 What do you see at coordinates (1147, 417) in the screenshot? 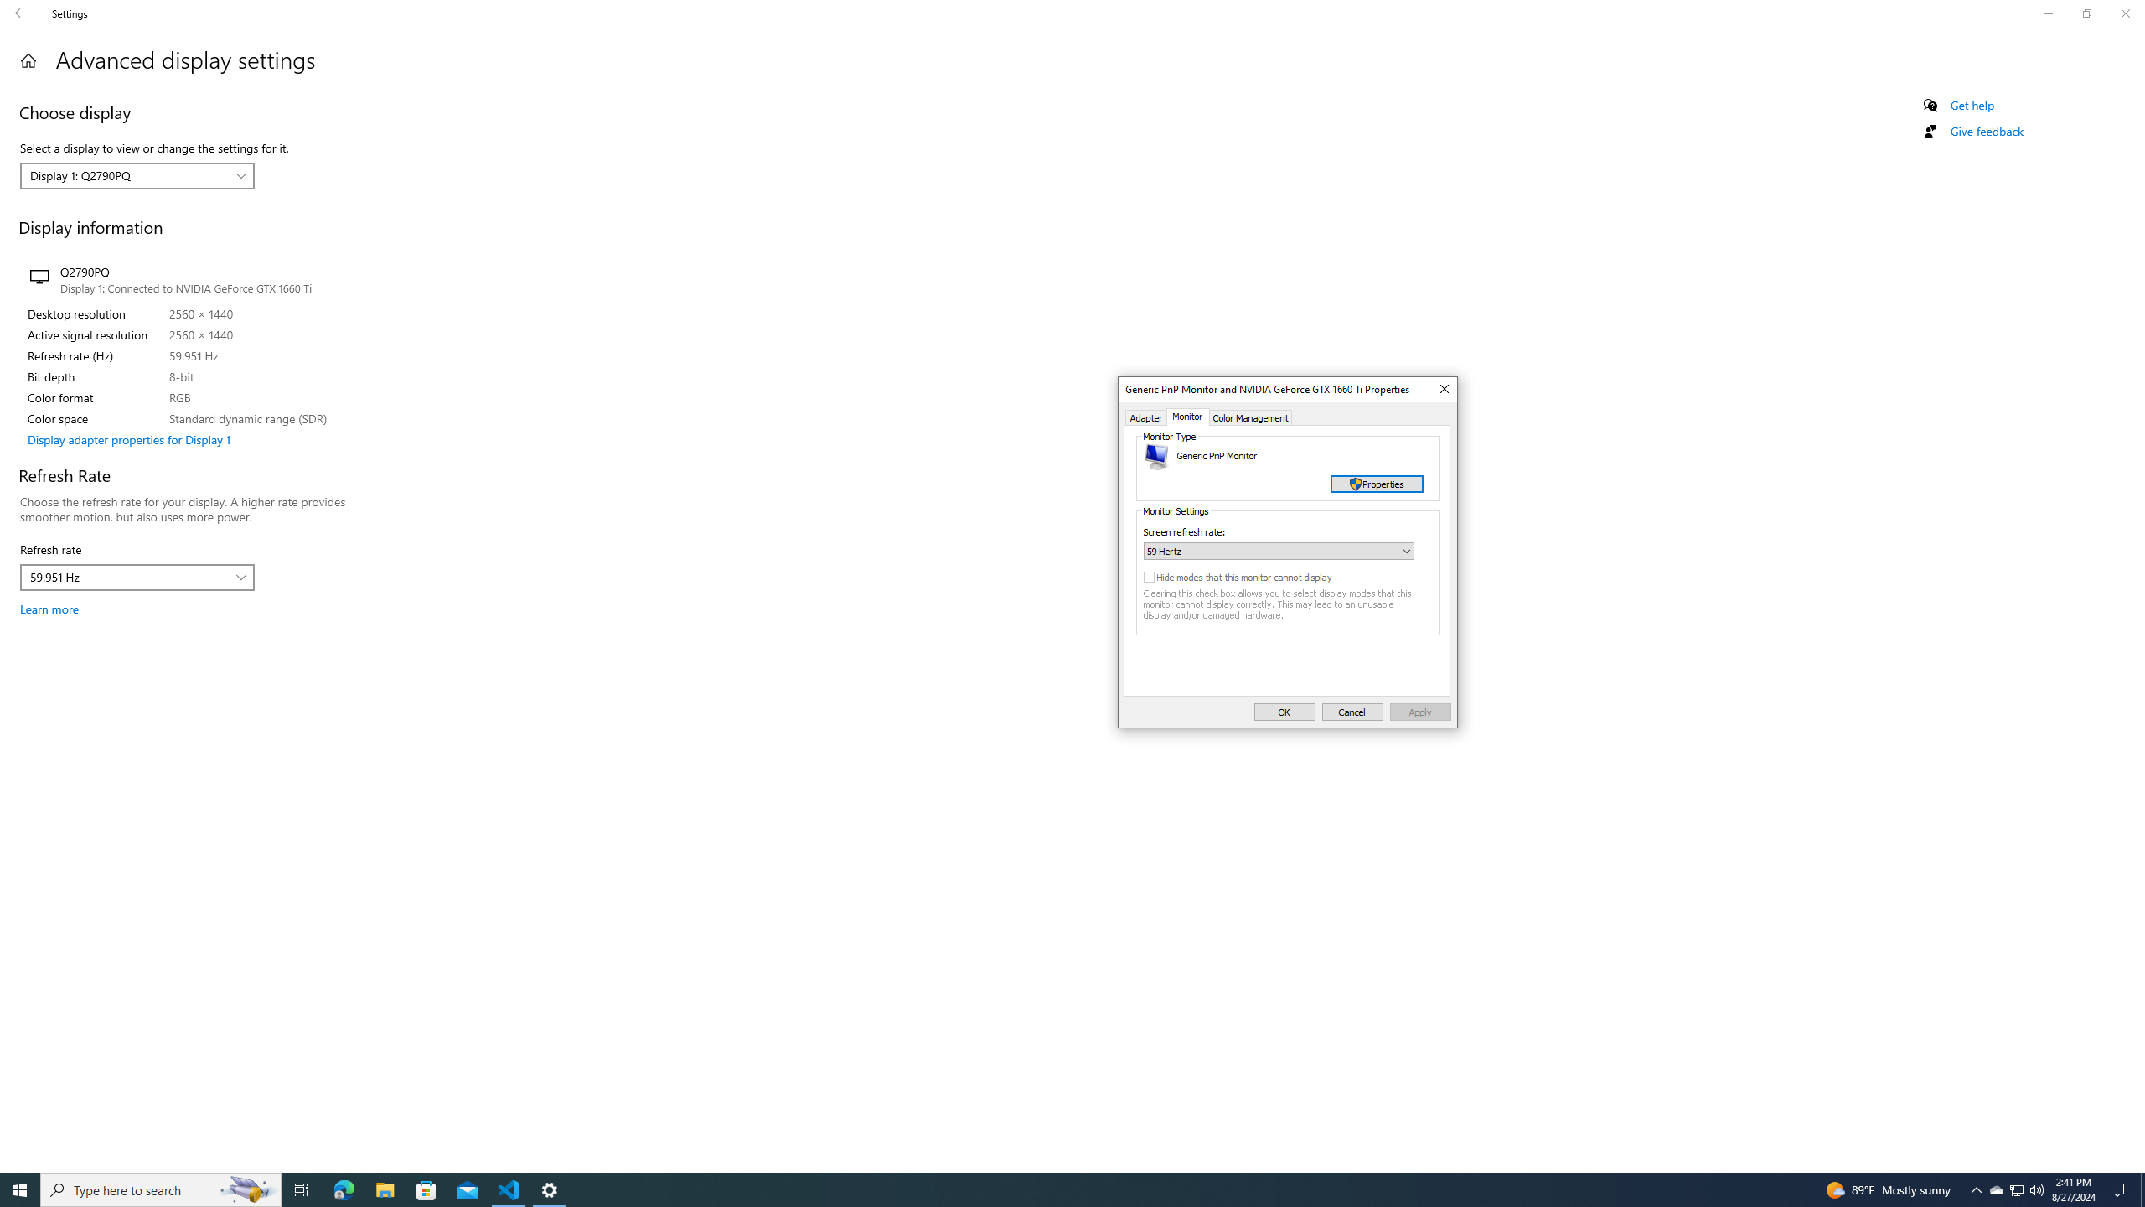
I see `'Adapter'` at bounding box center [1147, 417].